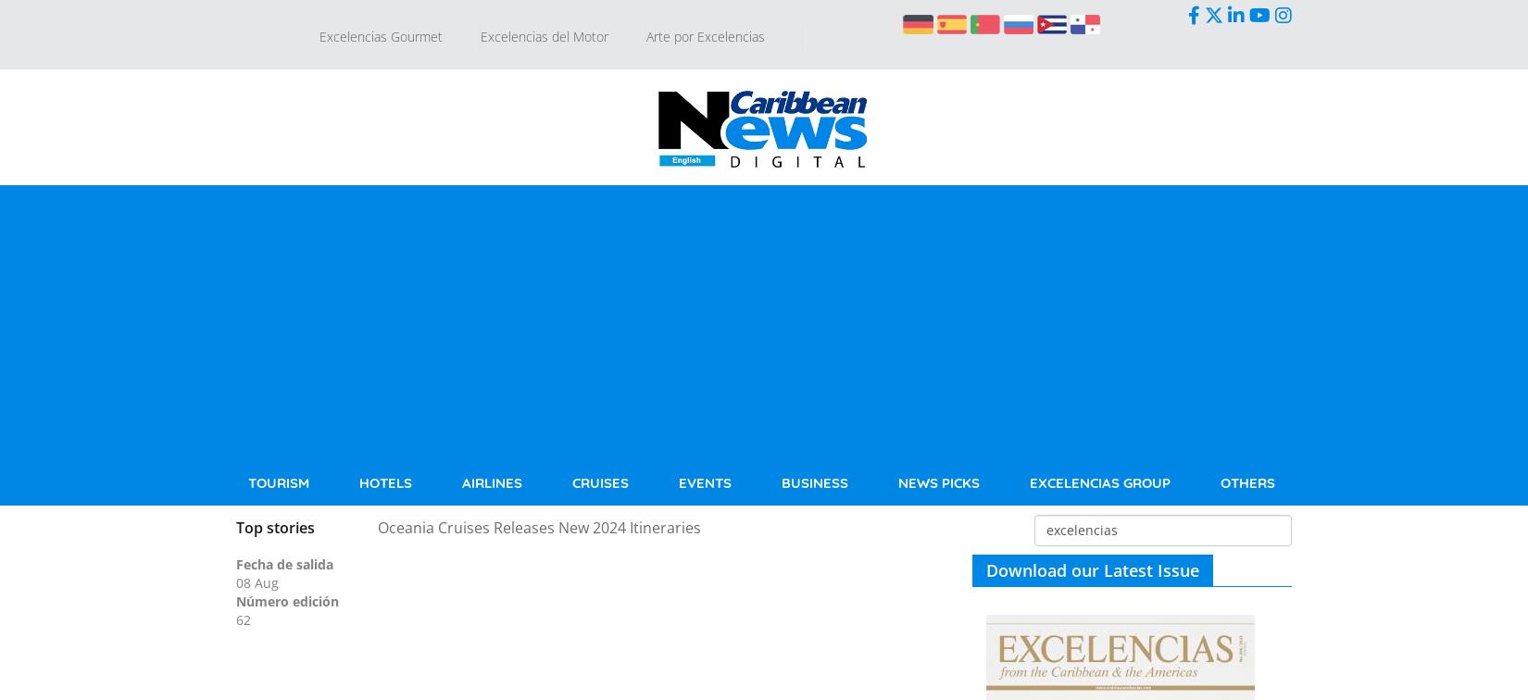 Image resolution: width=1528 pixels, height=700 pixels. I want to click on 'Business', so click(814, 482).